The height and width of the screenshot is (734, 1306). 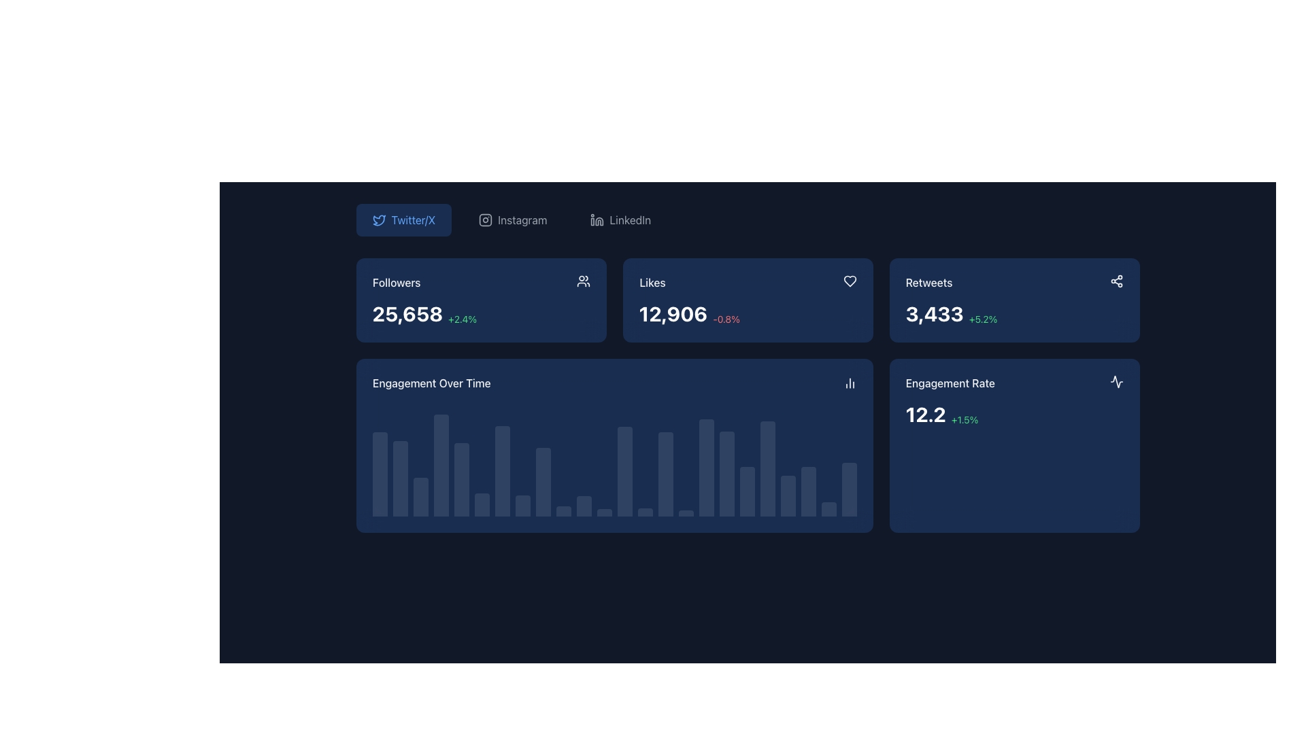 What do you see at coordinates (651, 282) in the screenshot?
I see `the 'Likes' text label, which is styled with a light gray color on a dark blue background, located in the upper center-right of the interface, part of a statistics card` at bounding box center [651, 282].